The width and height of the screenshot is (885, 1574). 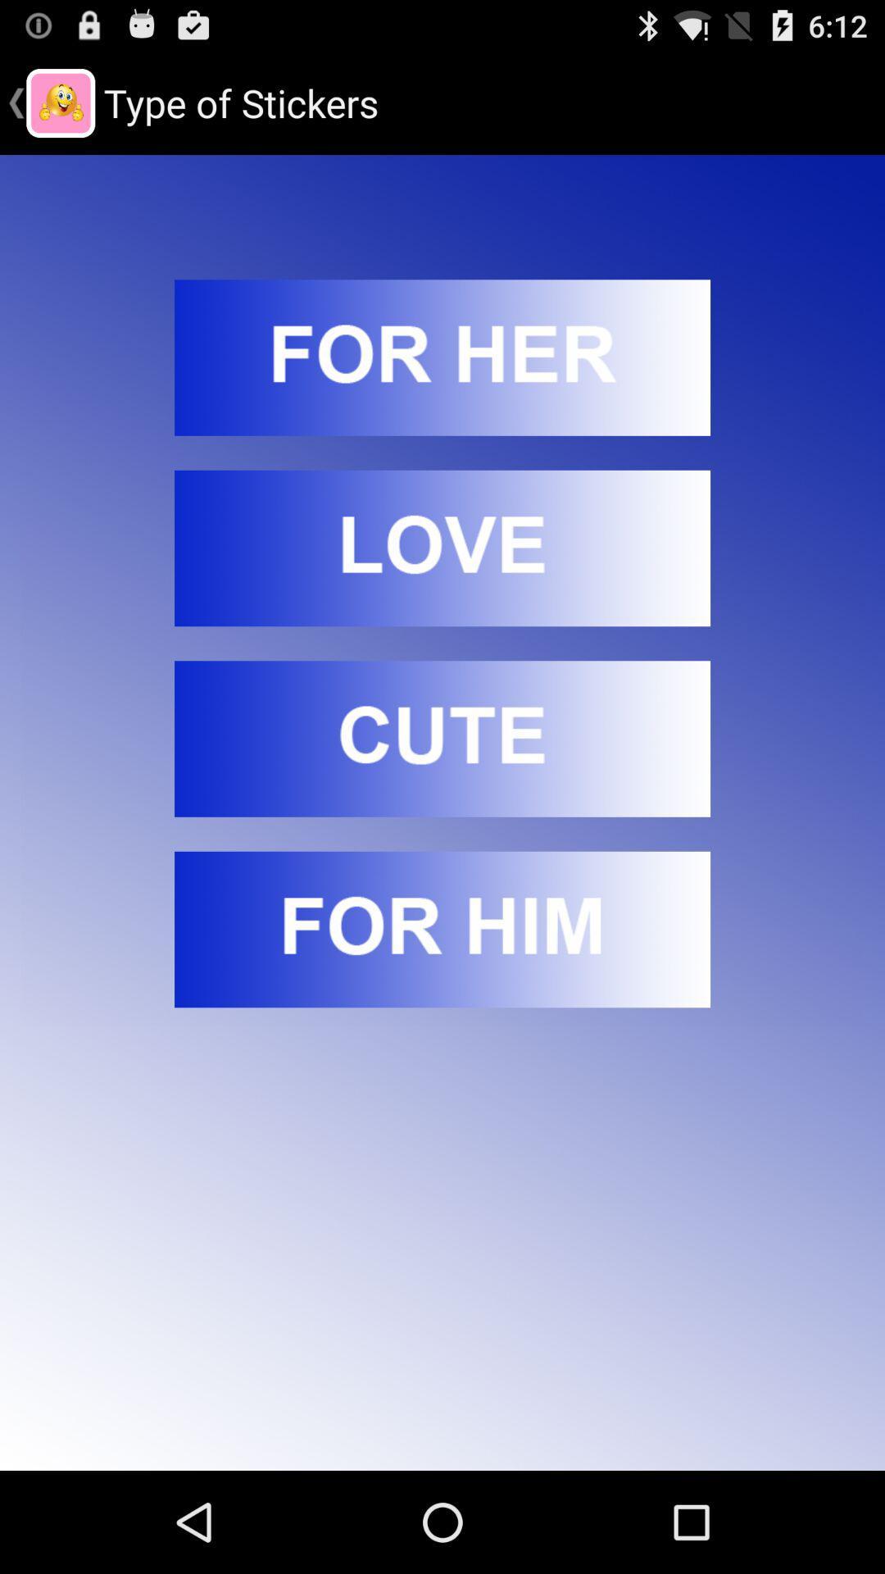 I want to click on click, so click(x=442, y=357).